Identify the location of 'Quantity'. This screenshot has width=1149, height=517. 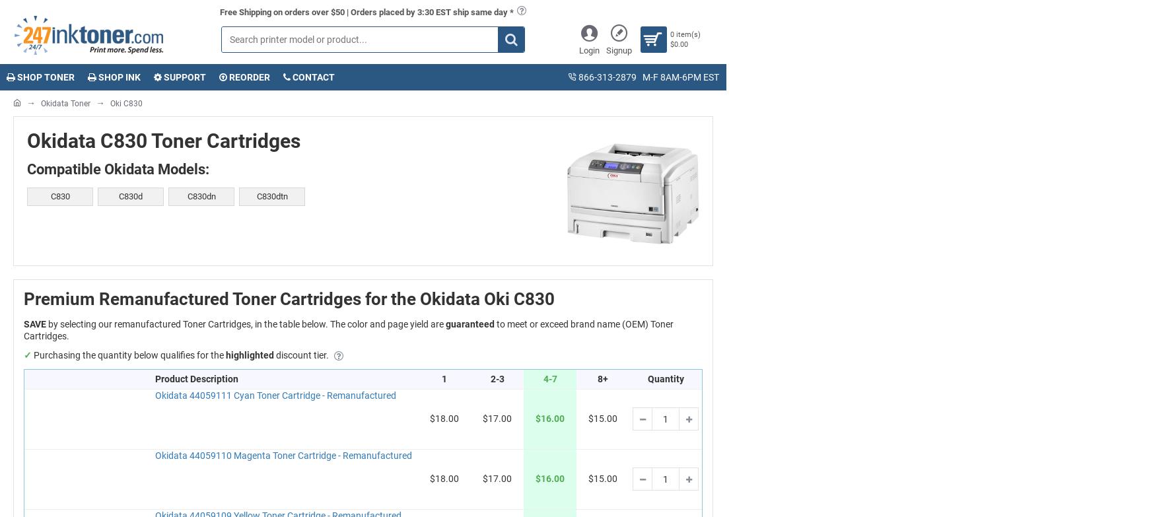
(664, 378).